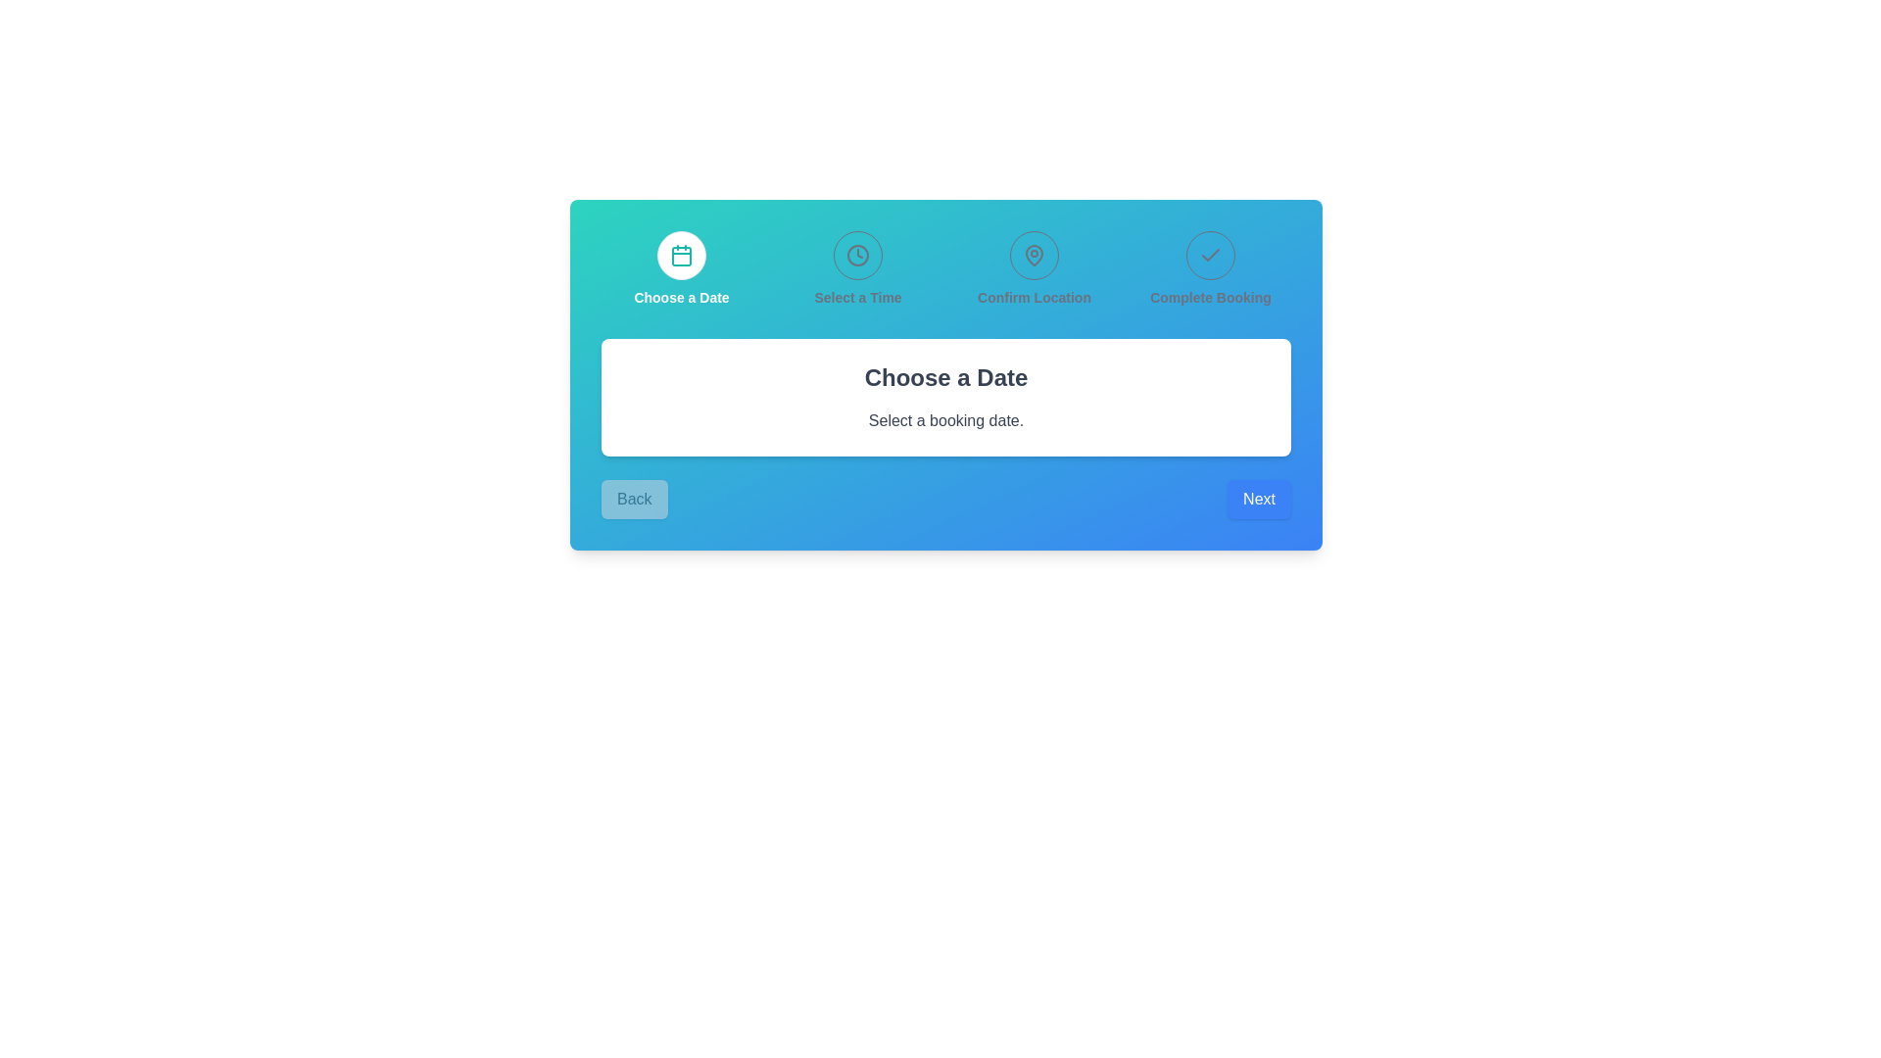 Image resolution: width=1881 pixels, height=1058 pixels. Describe the element at coordinates (857, 268) in the screenshot. I see `the navigation button labeled 'Select a Time' in the second position of the navigation bar to navigate to the corresponding section, using adjacent buttons for context` at that location.